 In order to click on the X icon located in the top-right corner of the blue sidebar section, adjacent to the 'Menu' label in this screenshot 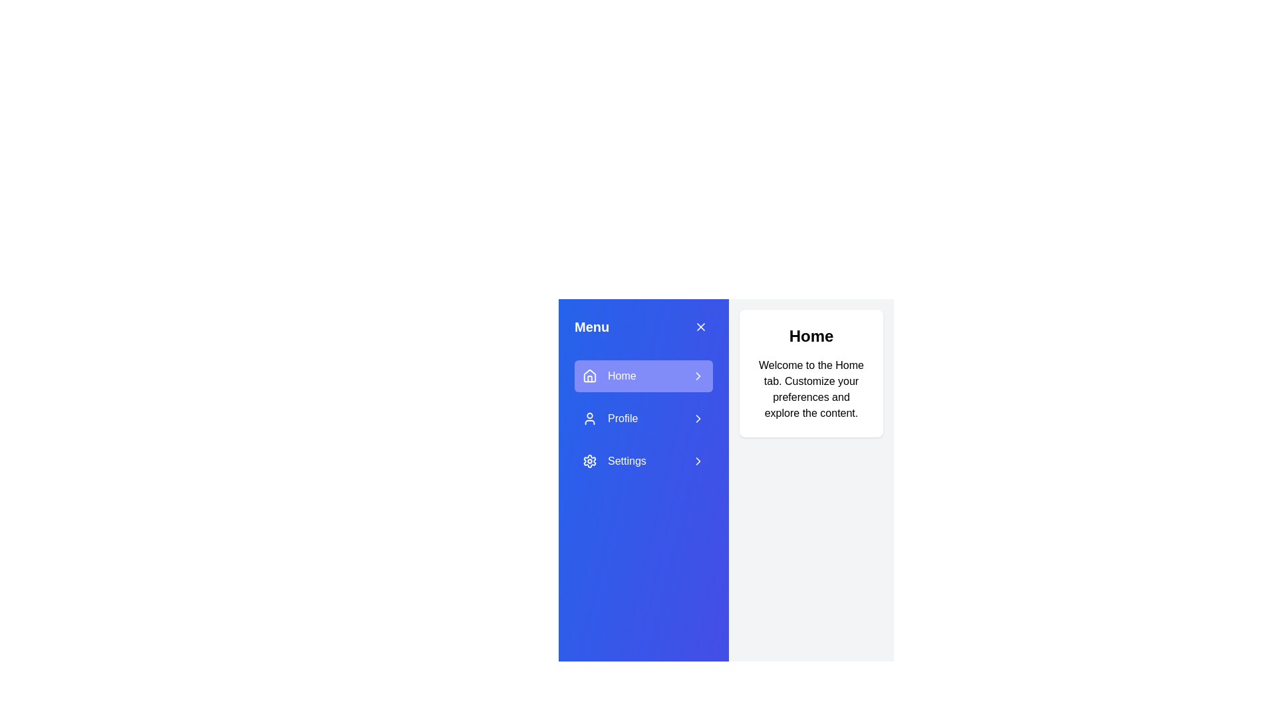, I will do `click(700, 327)`.